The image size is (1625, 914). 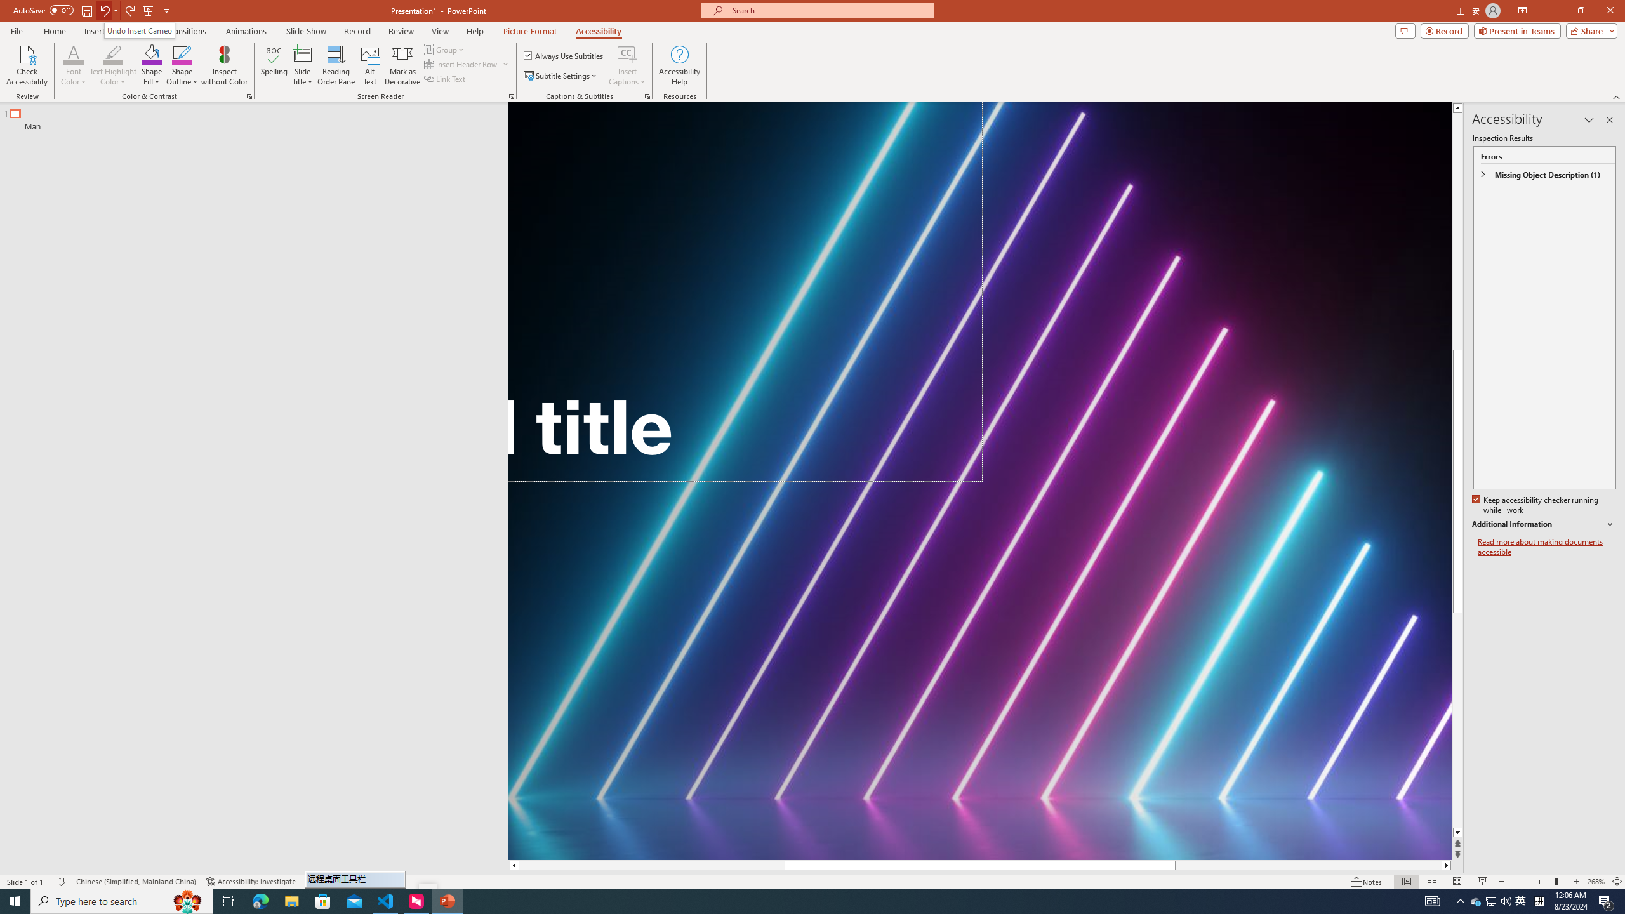 What do you see at coordinates (461, 63) in the screenshot?
I see `'Insert Header Row'` at bounding box center [461, 63].